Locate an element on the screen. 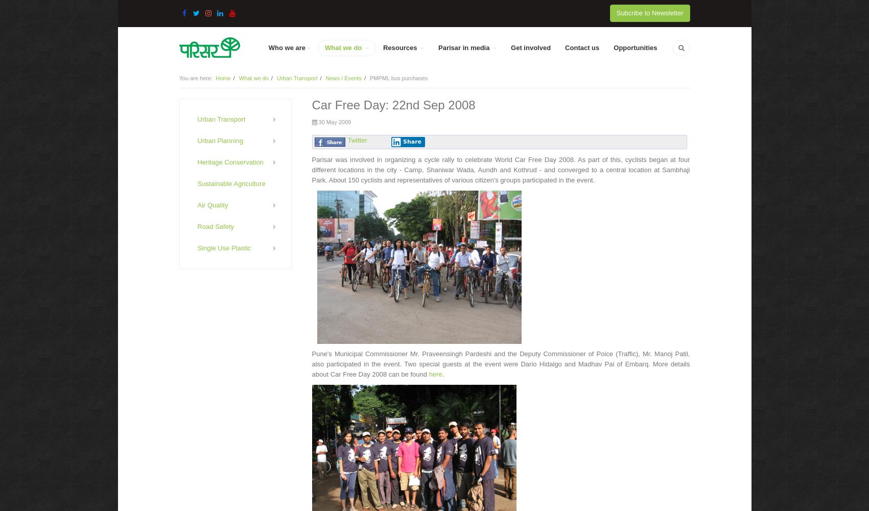 This screenshot has height=511, width=869. 'Home' is located at coordinates (222, 78).